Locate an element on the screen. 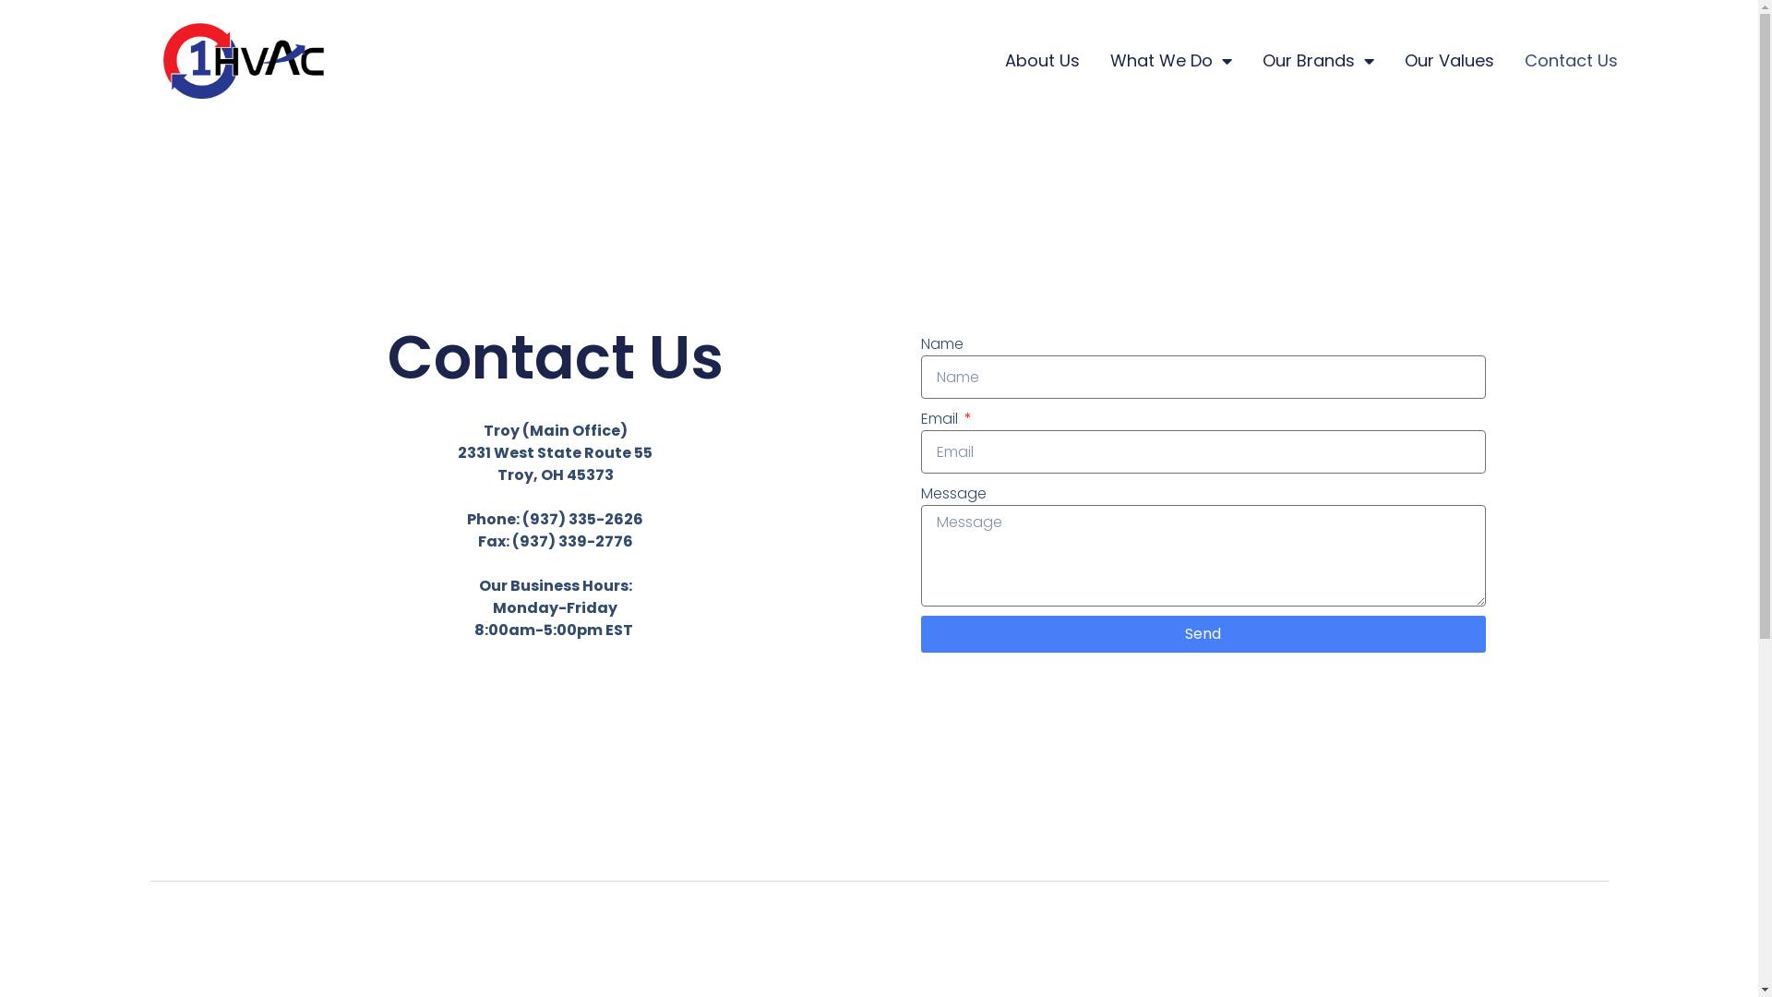 This screenshot has width=1772, height=997. 'Our Brands' is located at coordinates (1317, 59).